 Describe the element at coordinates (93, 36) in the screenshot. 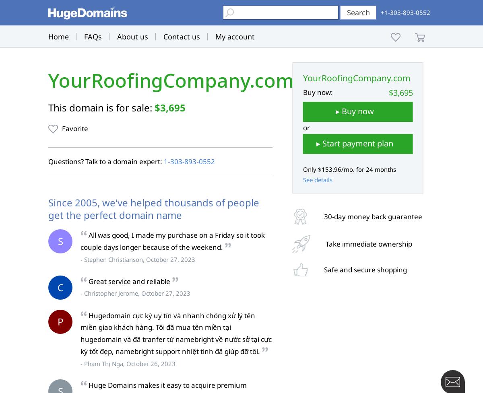

I see `'FAQs'` at that location.